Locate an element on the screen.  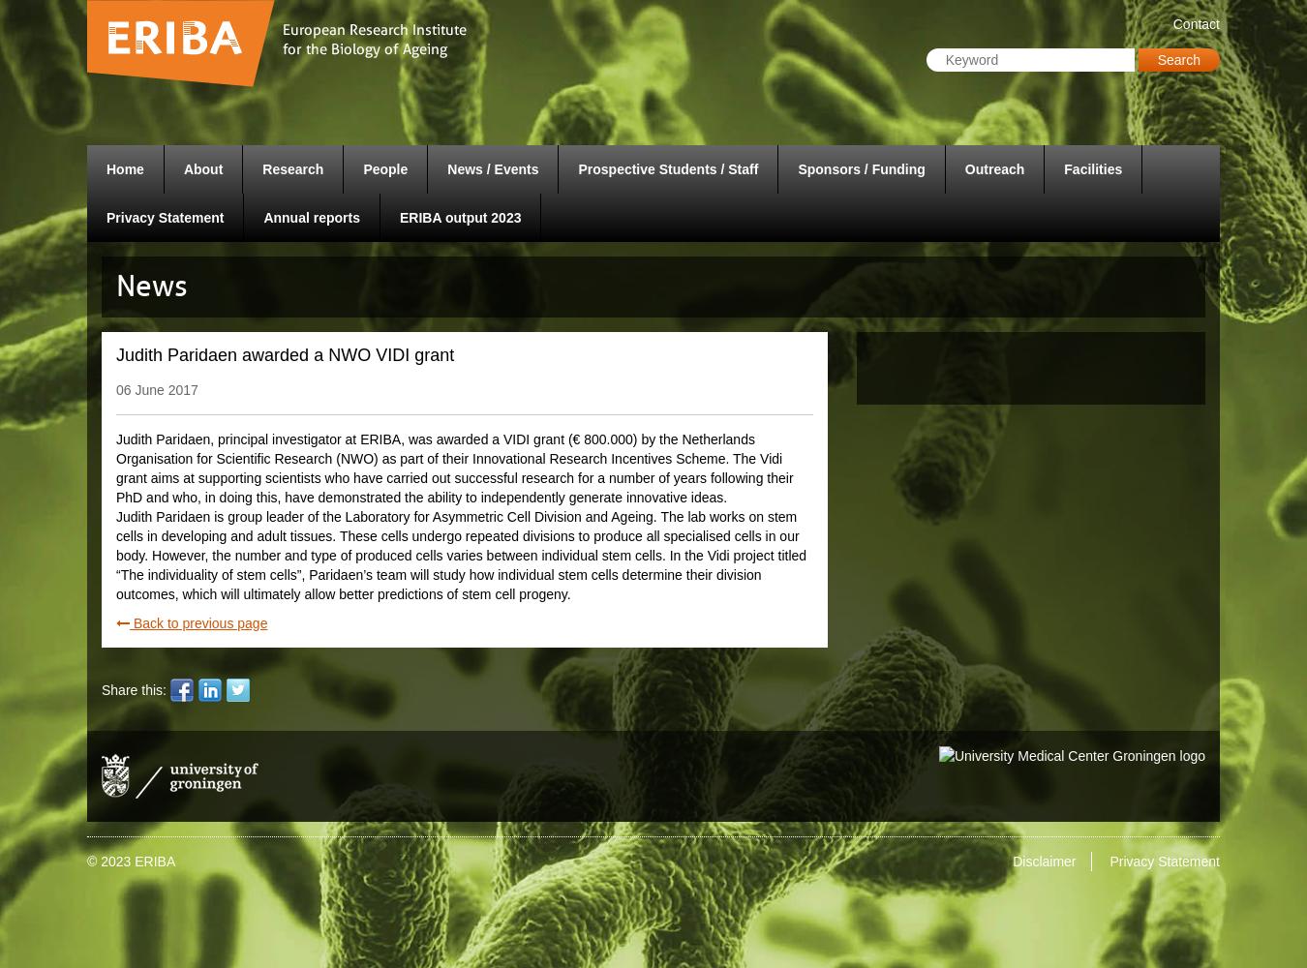
'Judith Paridaen, principal investigator at ERIBA, was awarded a VIDI grant (€ 800.000) by the Netherlands Organisation for Scientific Research (NWO) as part of their Innovational Research Incentives Scheme. The Vidi grant aims at supporting scientists who have carried out successful research for a number of years following their PhD and who, in doing this, have demonstrated the ability to independently generate innovative ideas.' is located at coordinates (453, 467).